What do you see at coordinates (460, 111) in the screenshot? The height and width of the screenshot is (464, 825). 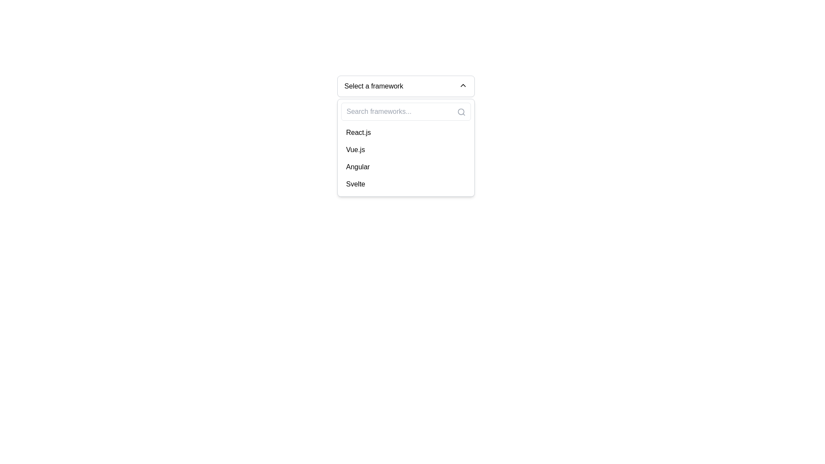 I see `the circular component of the magnifying glass icon in the SVG image, located at the top-right corner of the dropdown input area` at bounding box center [460, 111].